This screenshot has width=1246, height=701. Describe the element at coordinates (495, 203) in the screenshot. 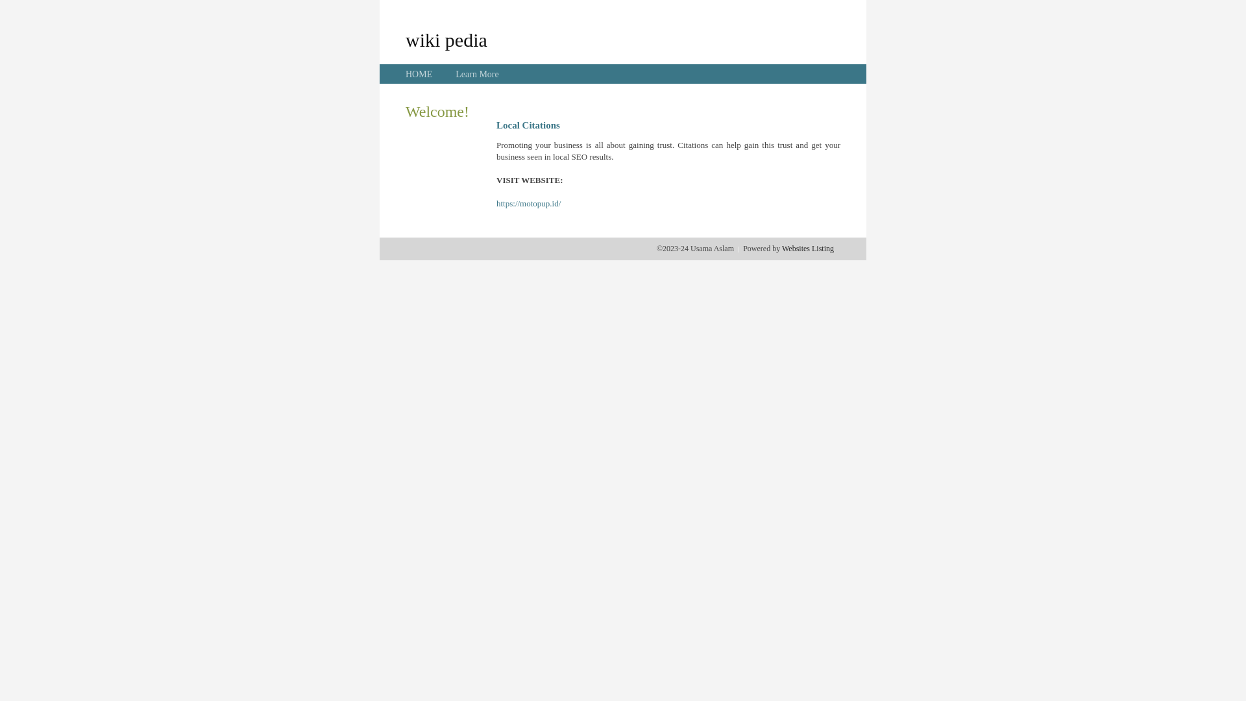

I see `'https://motopup.id/'` at that location.